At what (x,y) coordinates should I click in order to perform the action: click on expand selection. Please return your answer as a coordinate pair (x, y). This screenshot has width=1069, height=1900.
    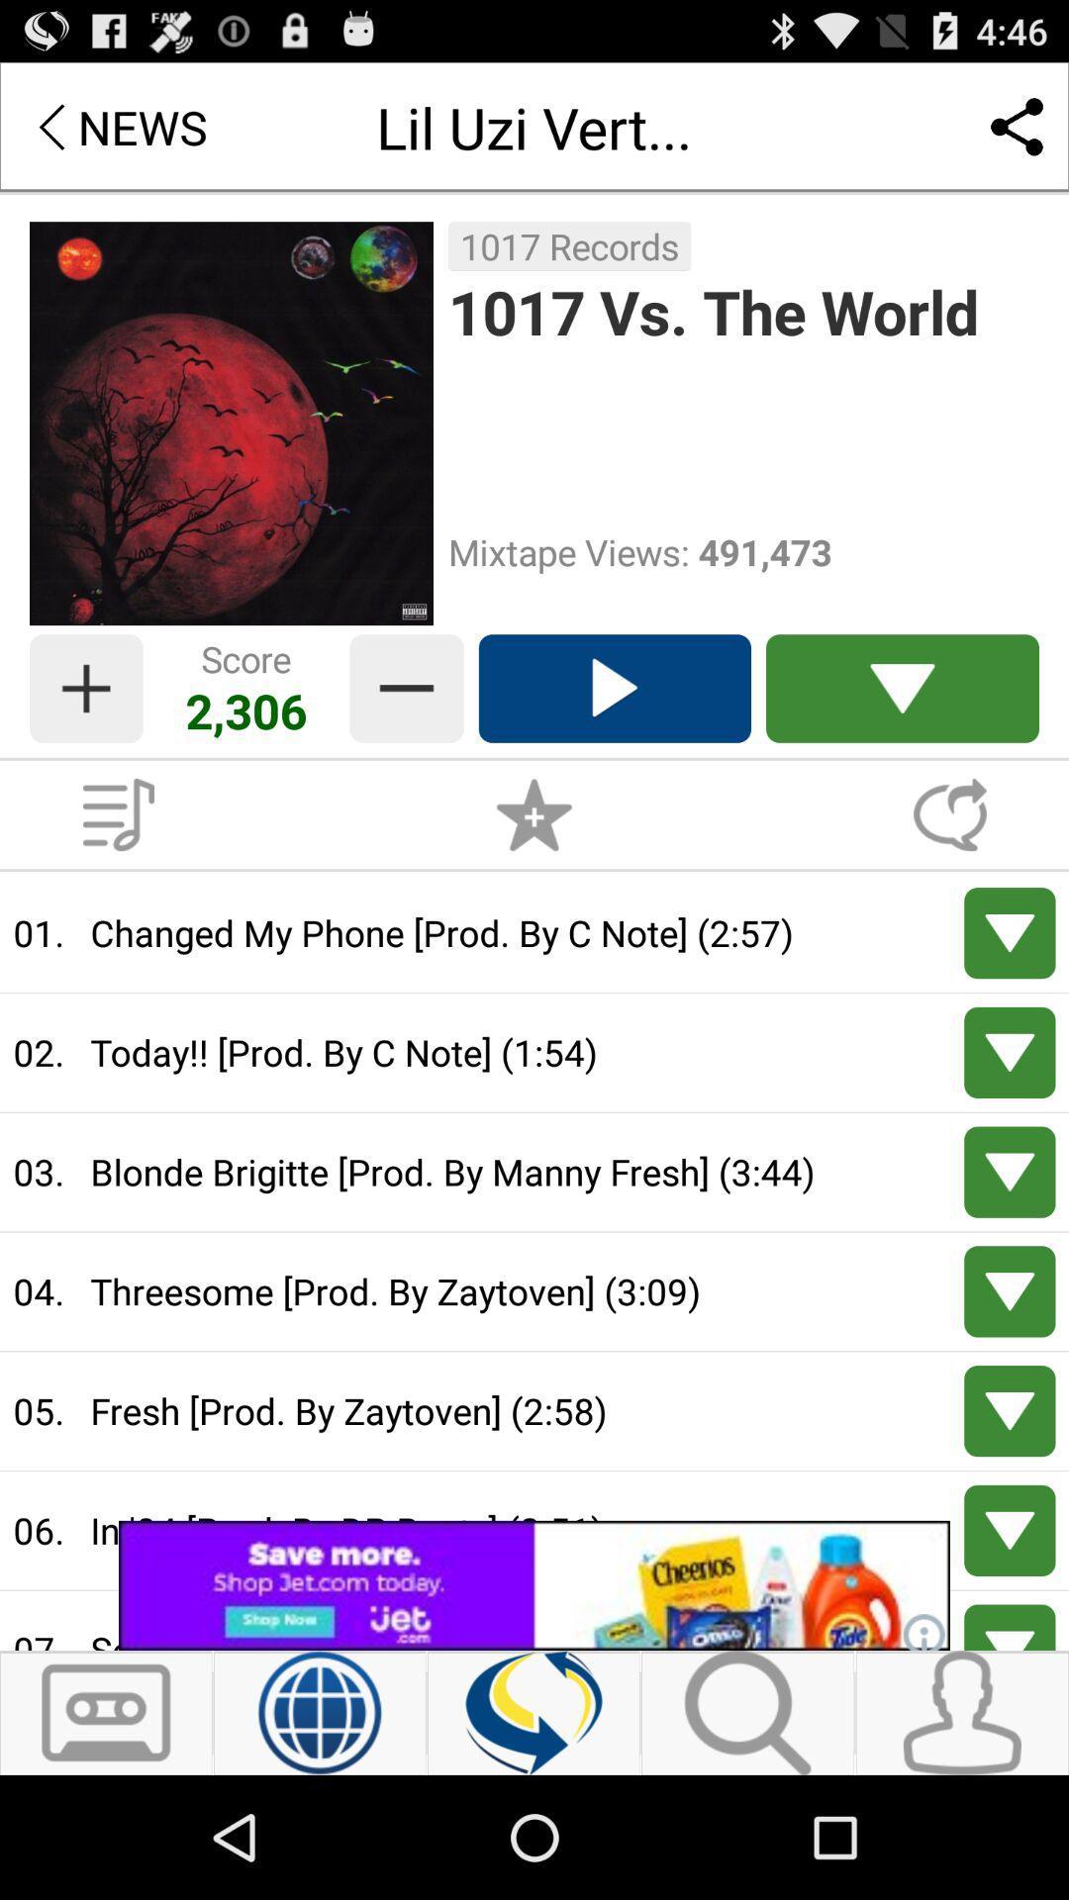
    Looking at the image, I should click on (1010, 1172).